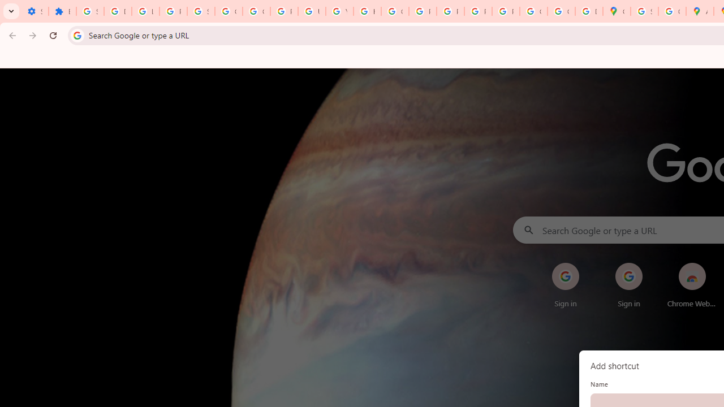 The height and width of the screenshot is (407, 724). I want to click on 'Google Account Help', so click(228, 11).